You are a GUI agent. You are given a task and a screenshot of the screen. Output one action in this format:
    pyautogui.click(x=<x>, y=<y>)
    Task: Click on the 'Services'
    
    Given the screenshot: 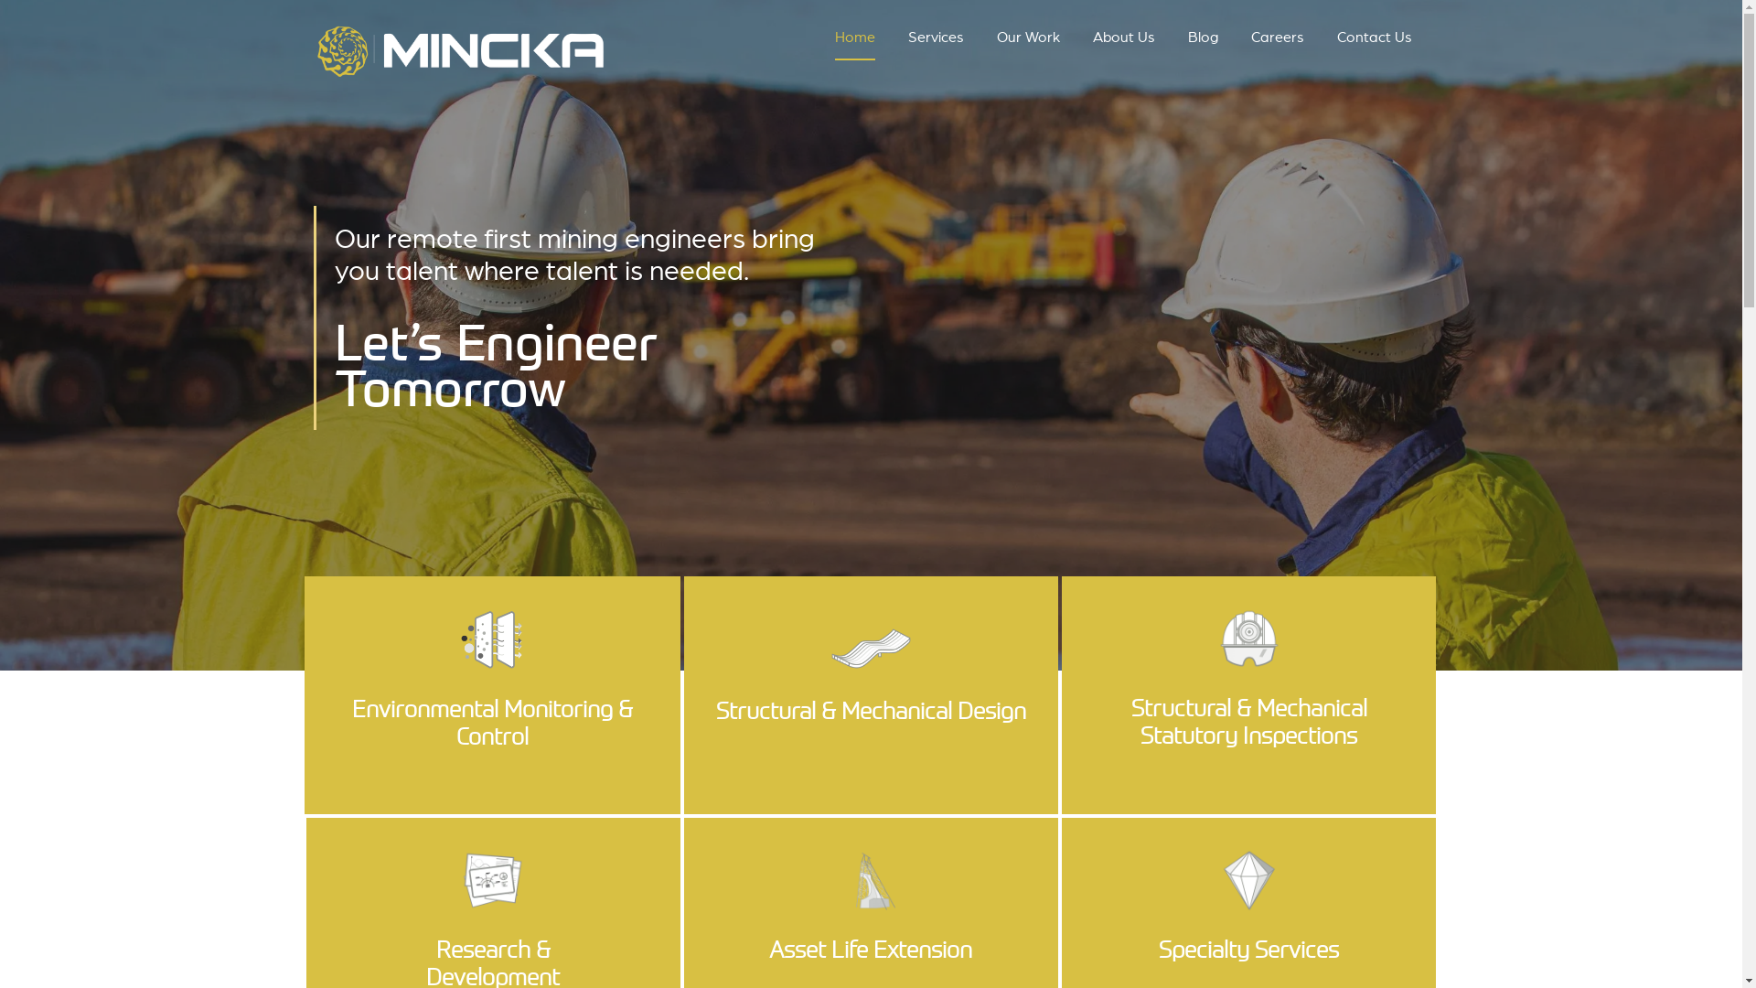 What is the action you would take?
    pyautogui.click(x=936, y=41)
    